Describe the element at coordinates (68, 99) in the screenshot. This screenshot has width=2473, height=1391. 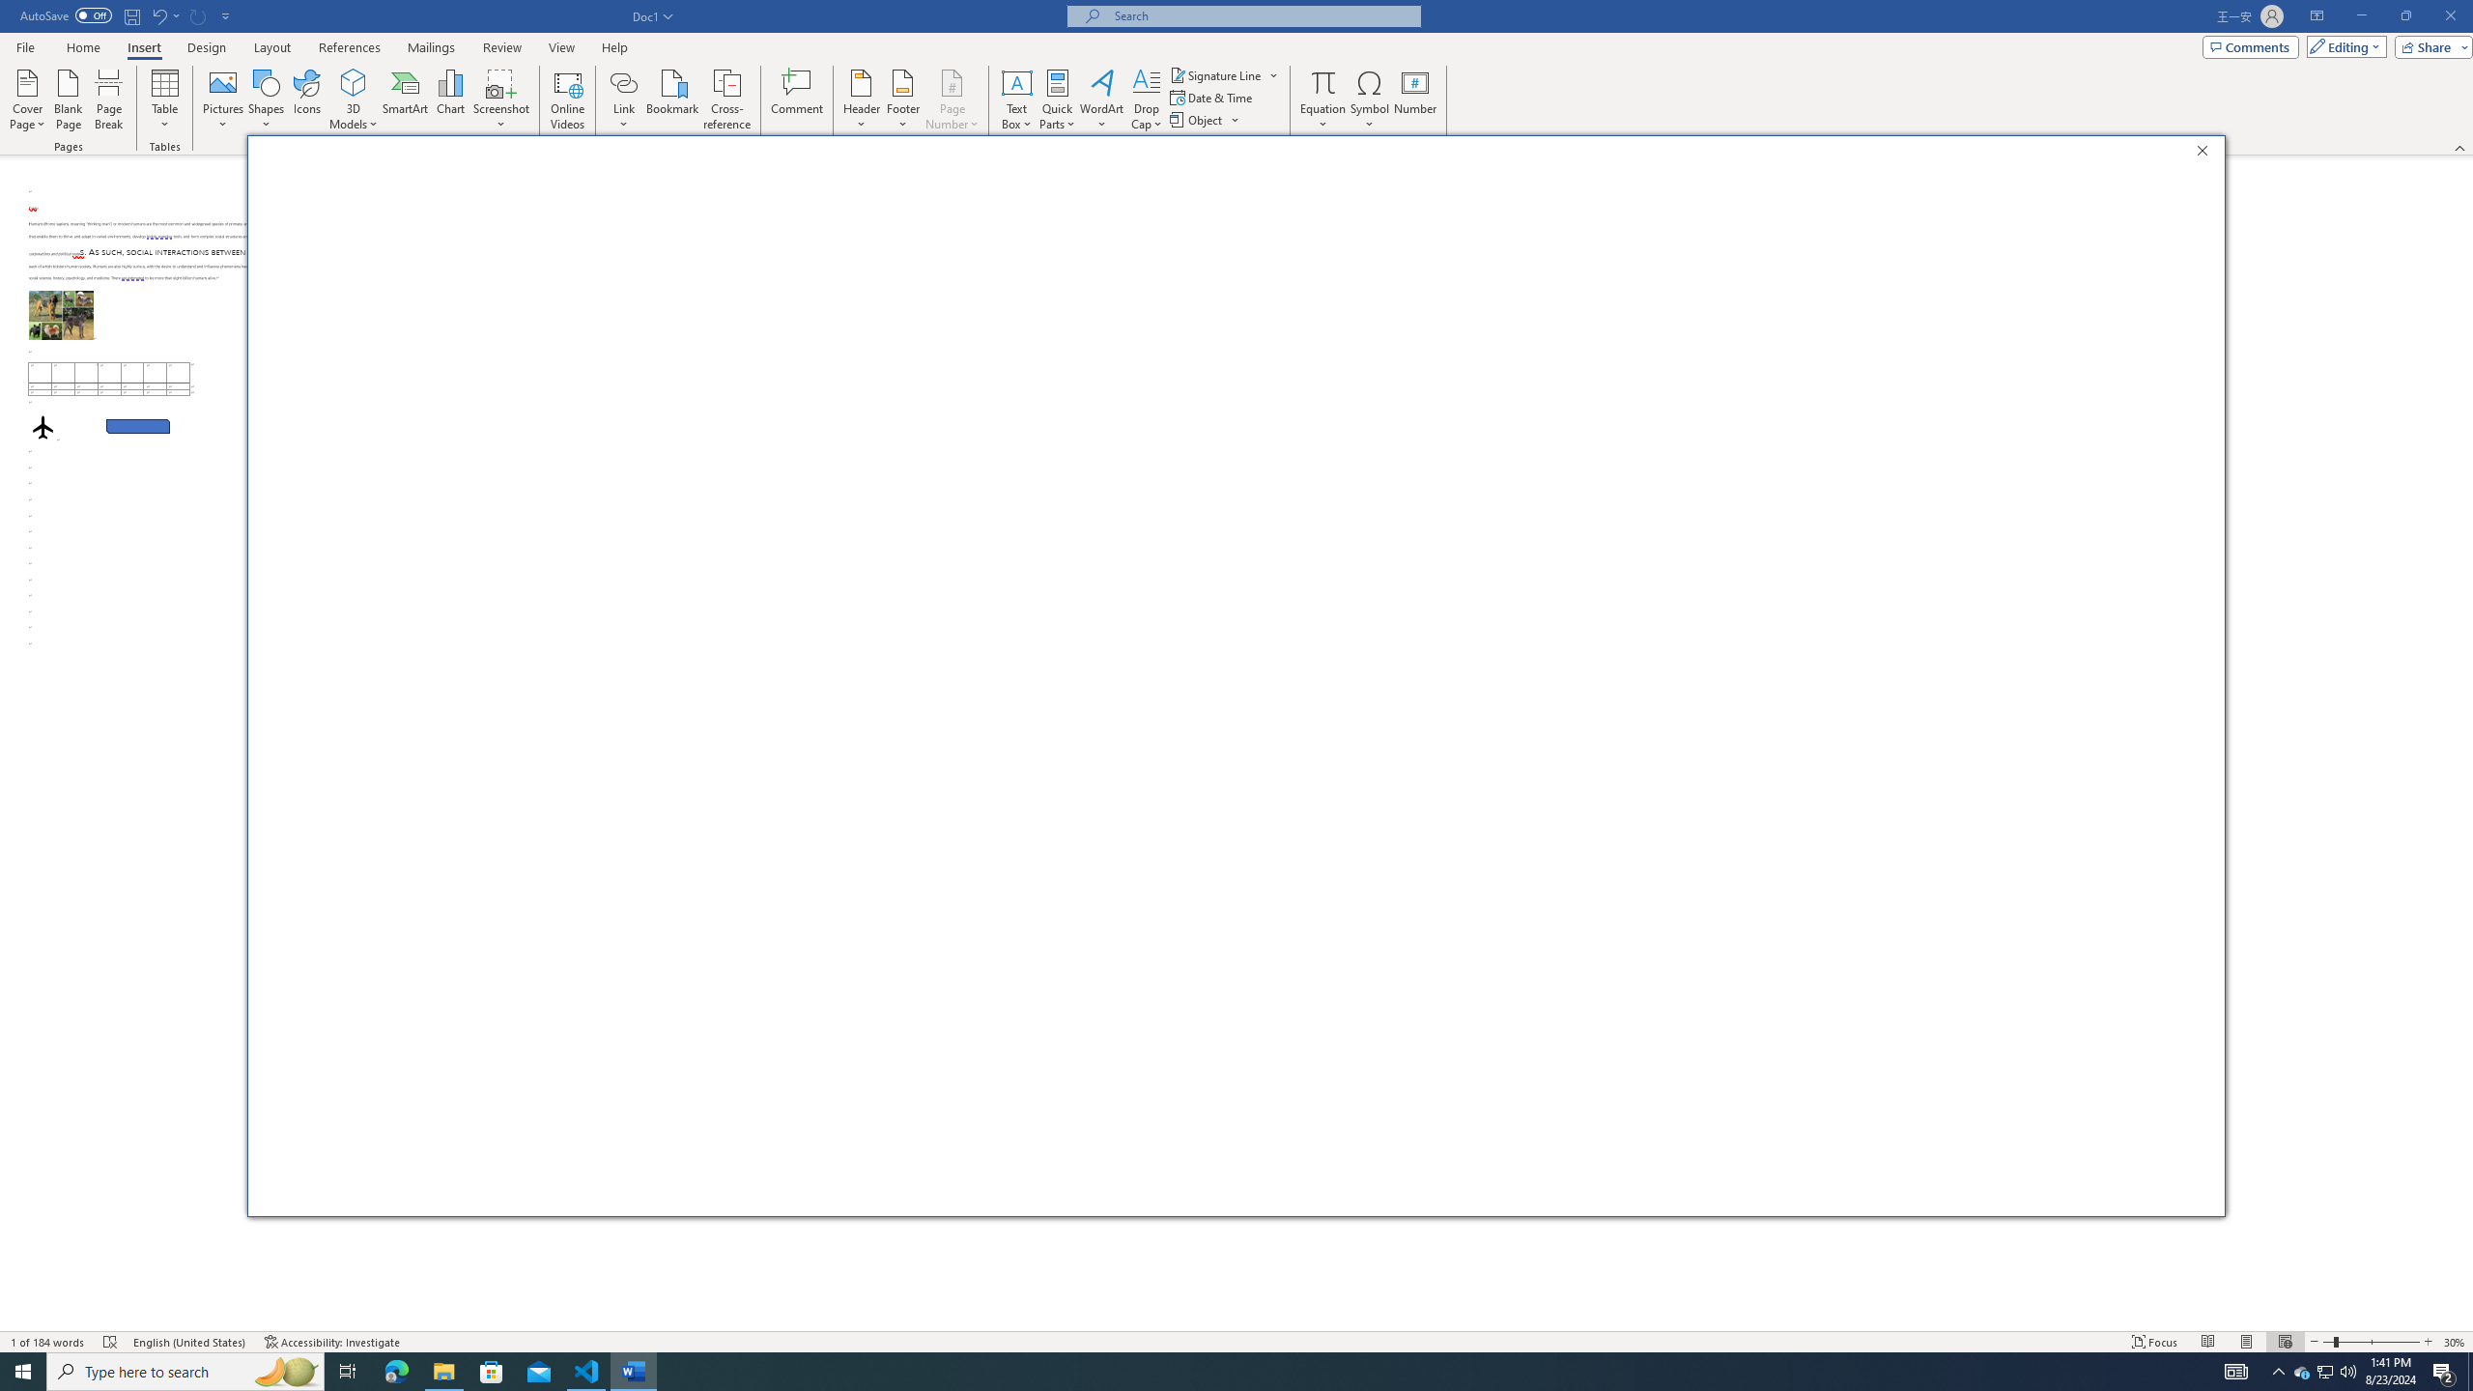
I see `'Blank Page'` at that location.